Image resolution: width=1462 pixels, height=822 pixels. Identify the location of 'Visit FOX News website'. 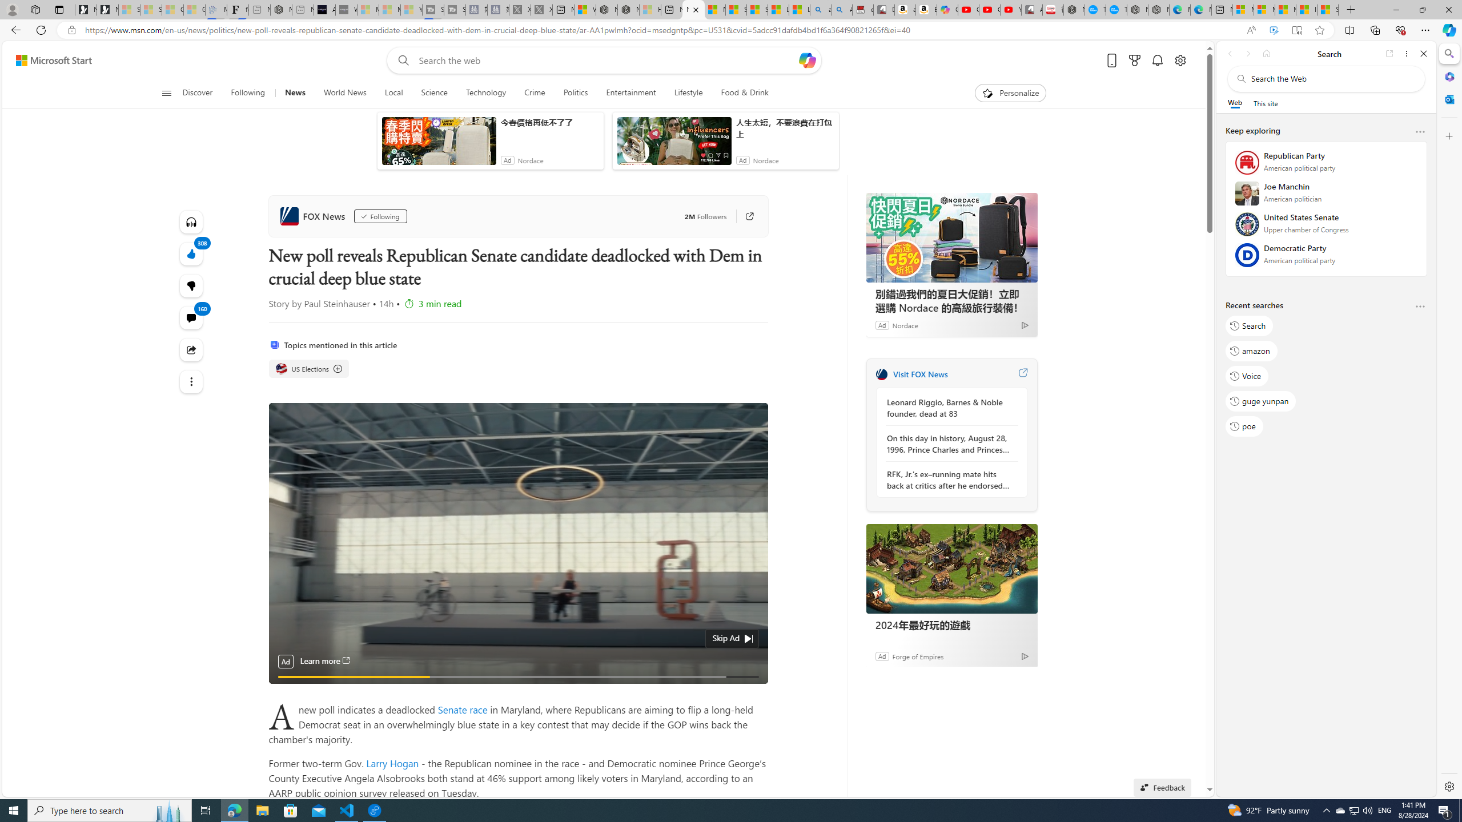
(1022, 373).